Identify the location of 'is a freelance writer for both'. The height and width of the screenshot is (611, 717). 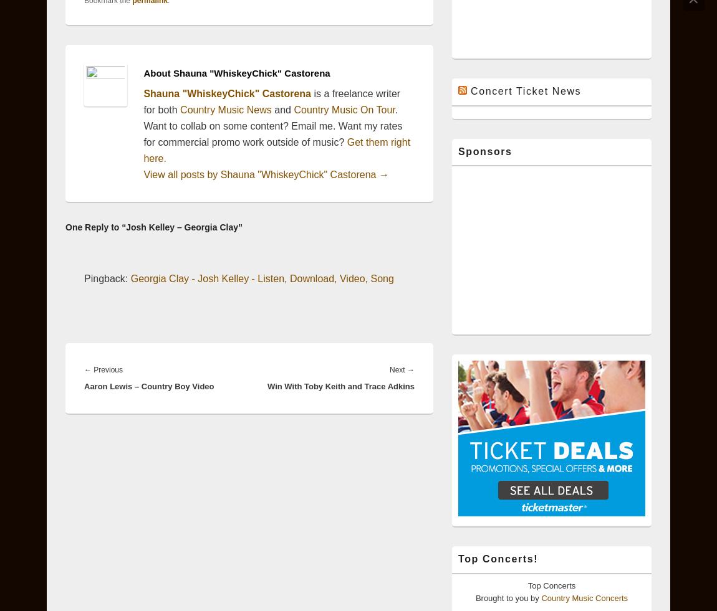
(271, 101).